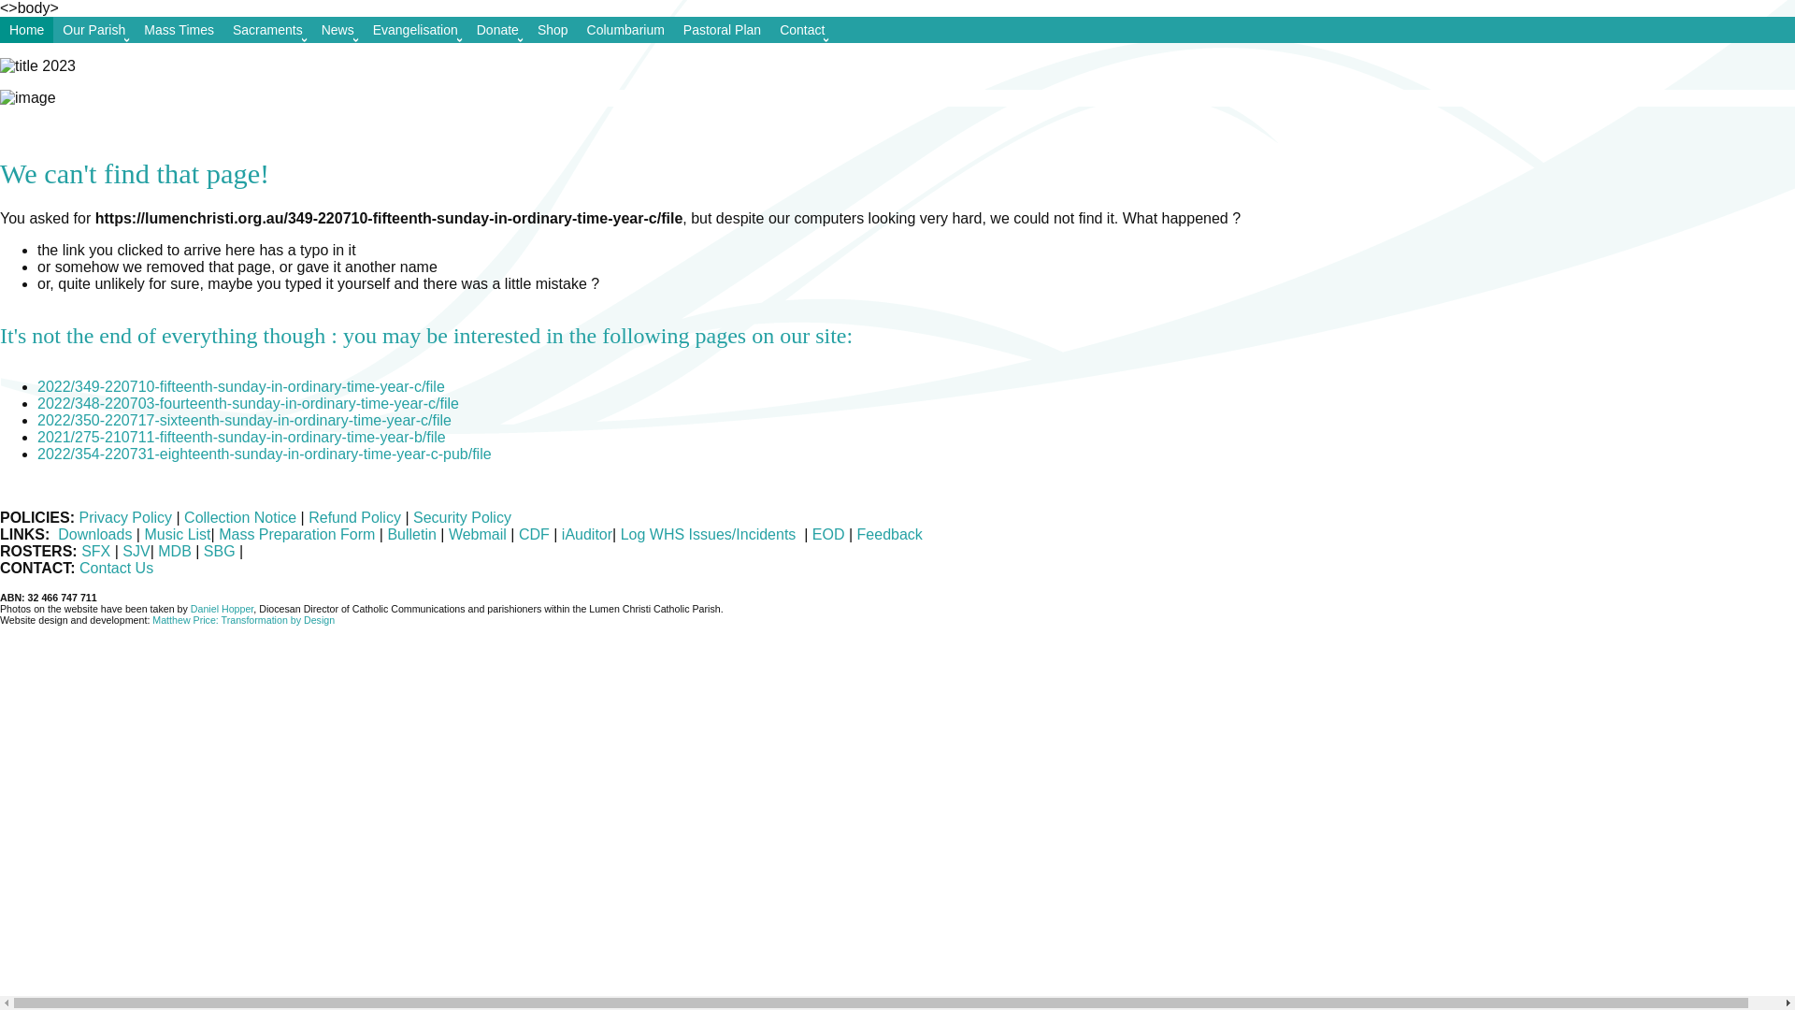 The image size is (1795, 1010). What do you see at coordinates (79, 550) in the screenshot?
I see `'SFX'` at bounding box center [79, 550].